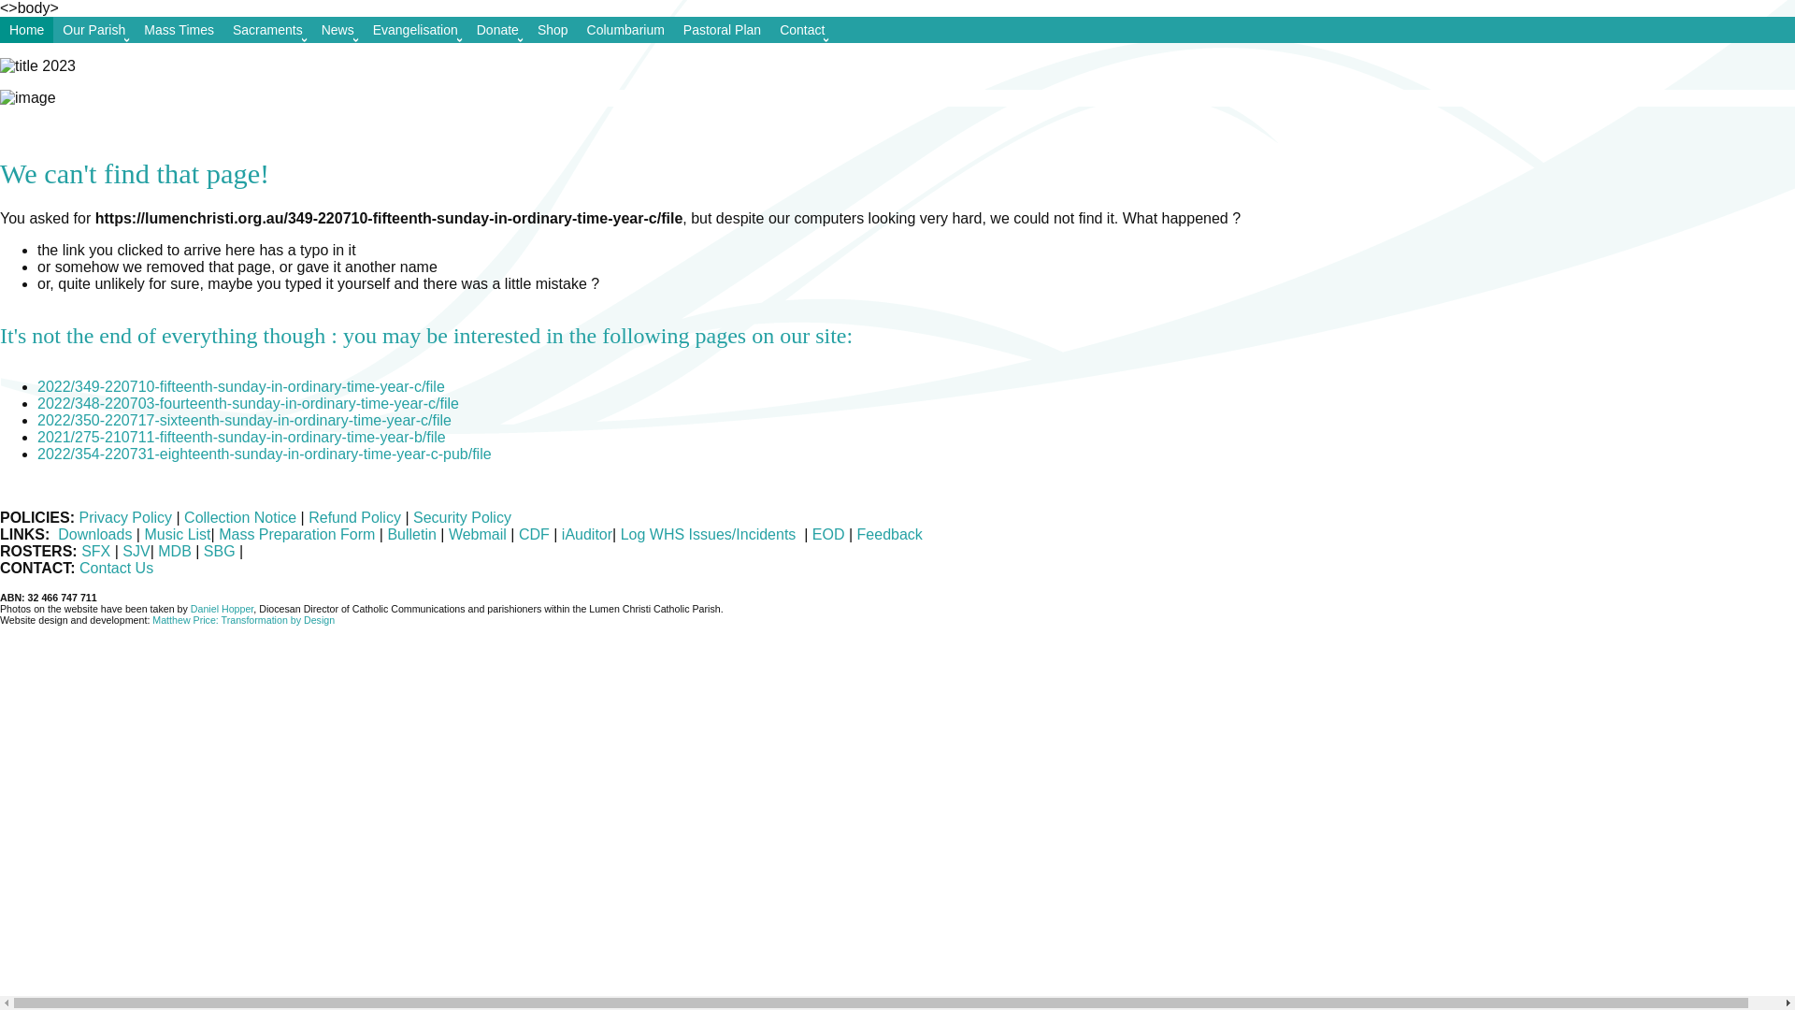 The image size is (1795, 1010). What do you see at coordinates (79, 550) in the screenshot?
I see `'SFX'` at bounding box center [79, 550].